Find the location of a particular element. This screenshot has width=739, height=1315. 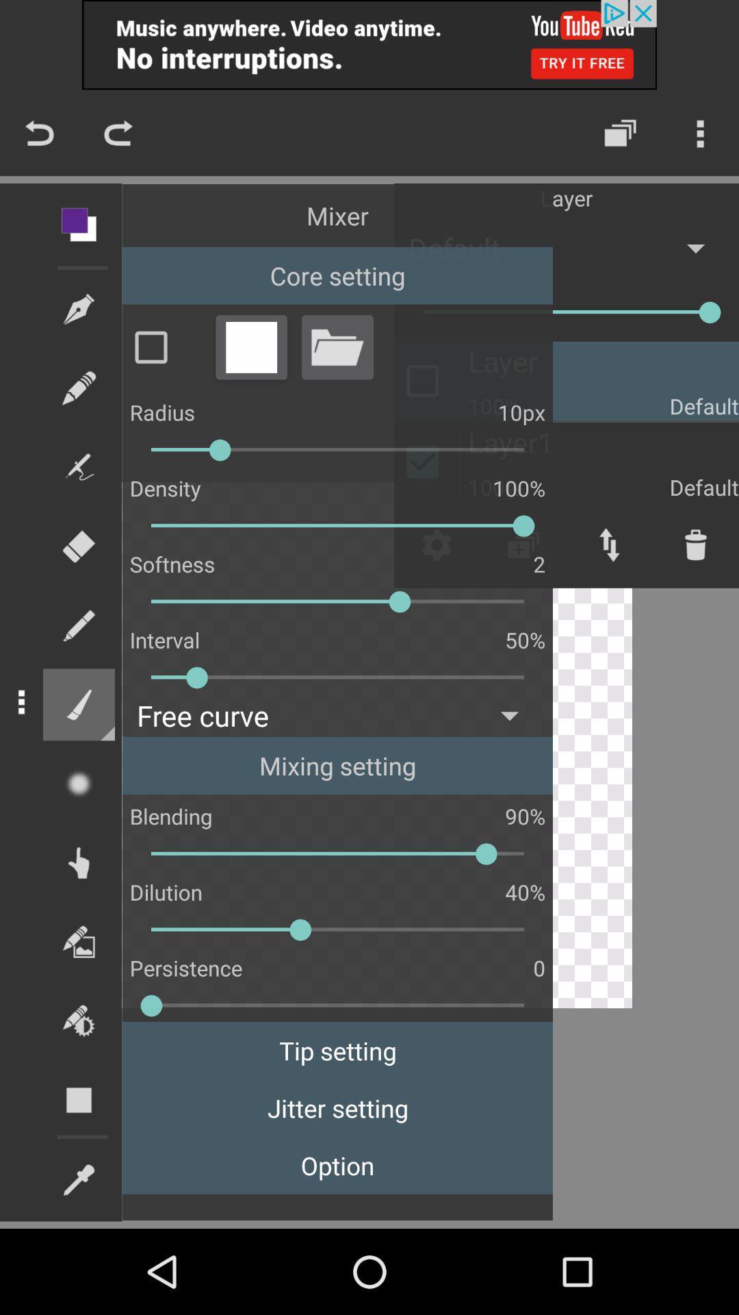

exit core setting is located at coordinates (251, 347).